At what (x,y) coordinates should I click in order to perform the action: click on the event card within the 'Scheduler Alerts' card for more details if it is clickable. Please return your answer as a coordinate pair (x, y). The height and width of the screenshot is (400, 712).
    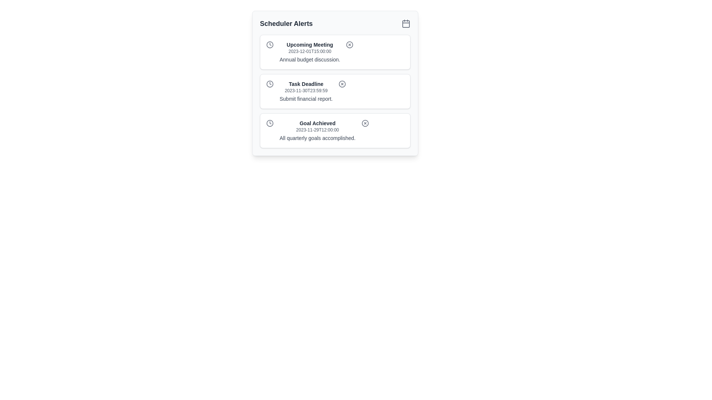
    Looking at the image, I should click on (334, 83).